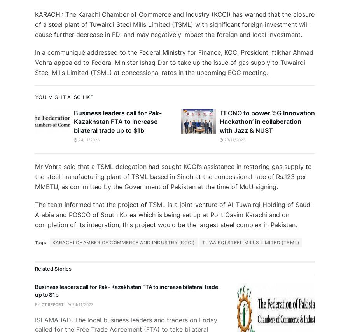 The image size is (350, 332). What do you see at coordinates (175, 23) in the screenshot?
I see `'KARACHI: The Karachi Chamber of Commerce and Industry (KCCI) has warned that the closure of a steel plant of Tuwairqi Steel Mills Limited (TSML) with significant foreign investment will cause further decrease in FDI and may negatively impact the foreign and local investment.'` at bounding box center [175, 23].